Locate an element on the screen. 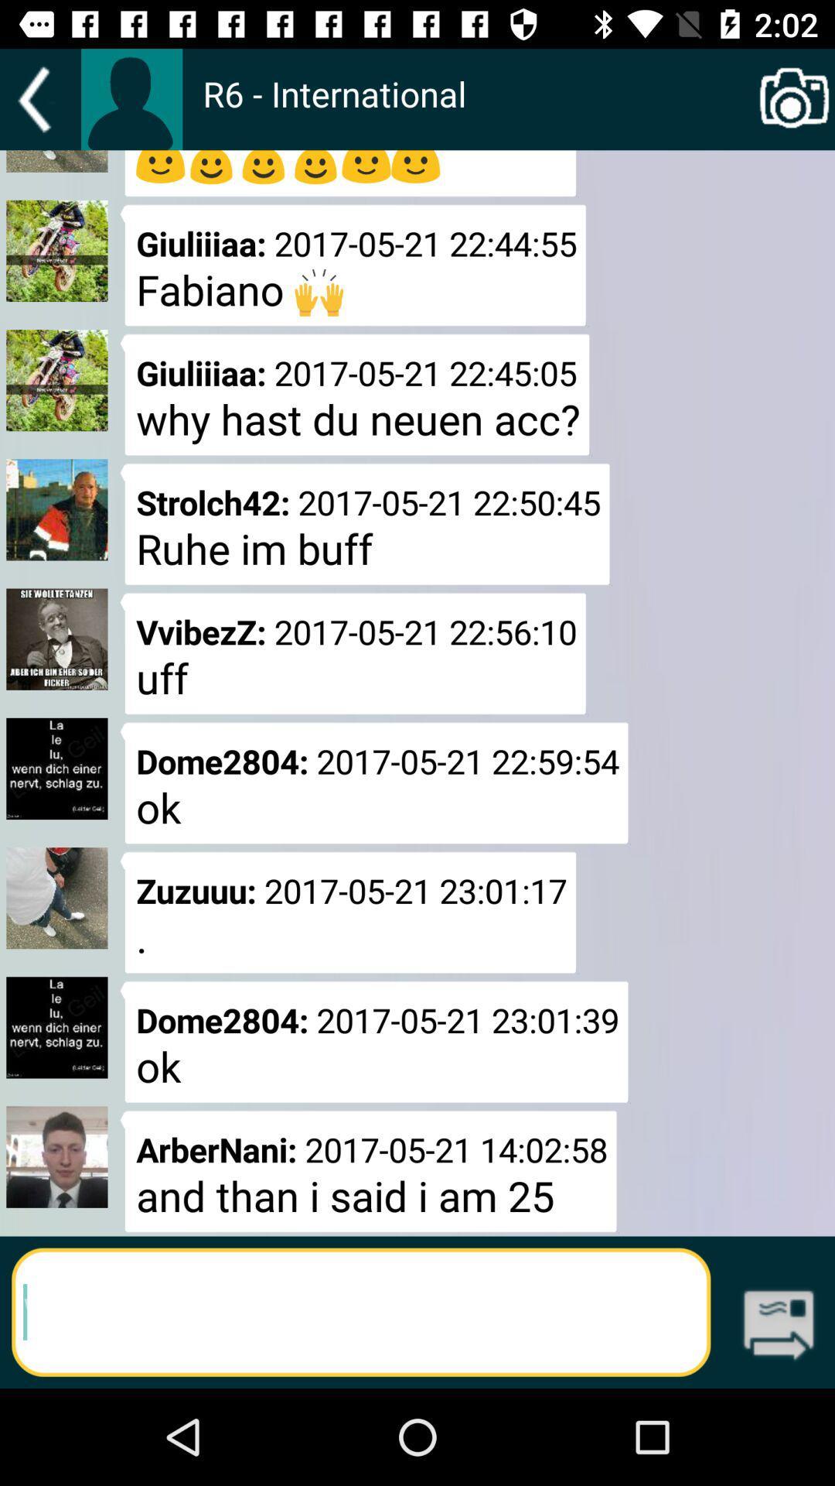 This screenshot has width=835, height=1486. dome2804 20170521 225954 is located at coordinates (374, 783).